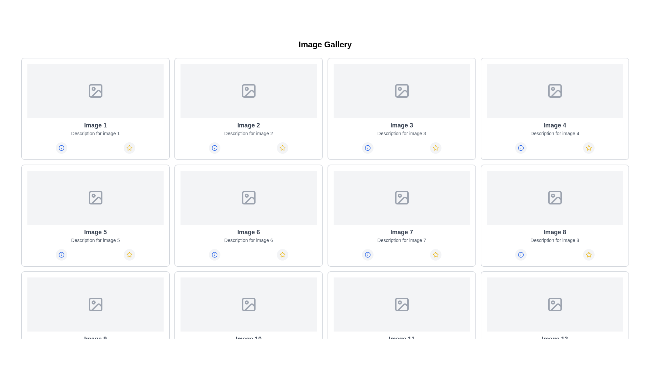 Image resolution: width=649 pixels, height=365 pixels. What do you see at coordinates (95, 232) in the screenshot?
I see `the text label located in the second column, second row of the grid layout, which serves as the title or label for the associated image or content block` at bounding box center [95, 232].